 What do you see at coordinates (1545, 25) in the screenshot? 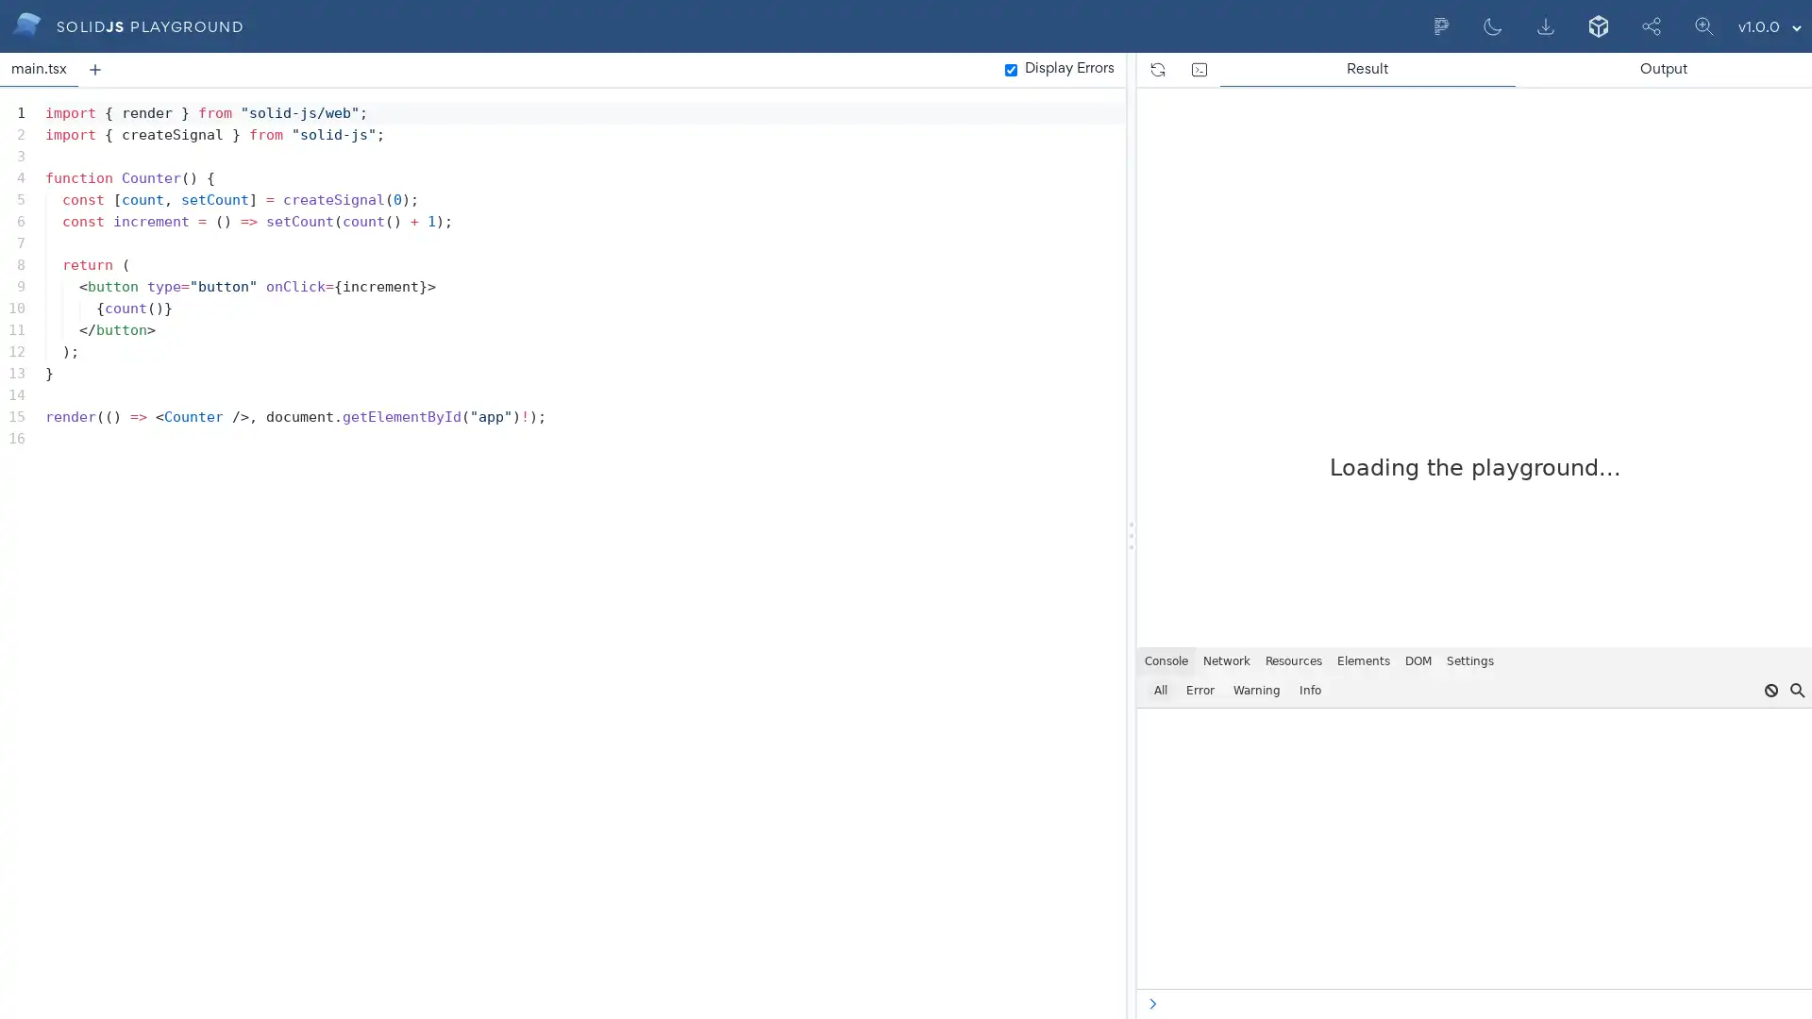
I see `Export to Zip` at bounding box center [1545, 25].